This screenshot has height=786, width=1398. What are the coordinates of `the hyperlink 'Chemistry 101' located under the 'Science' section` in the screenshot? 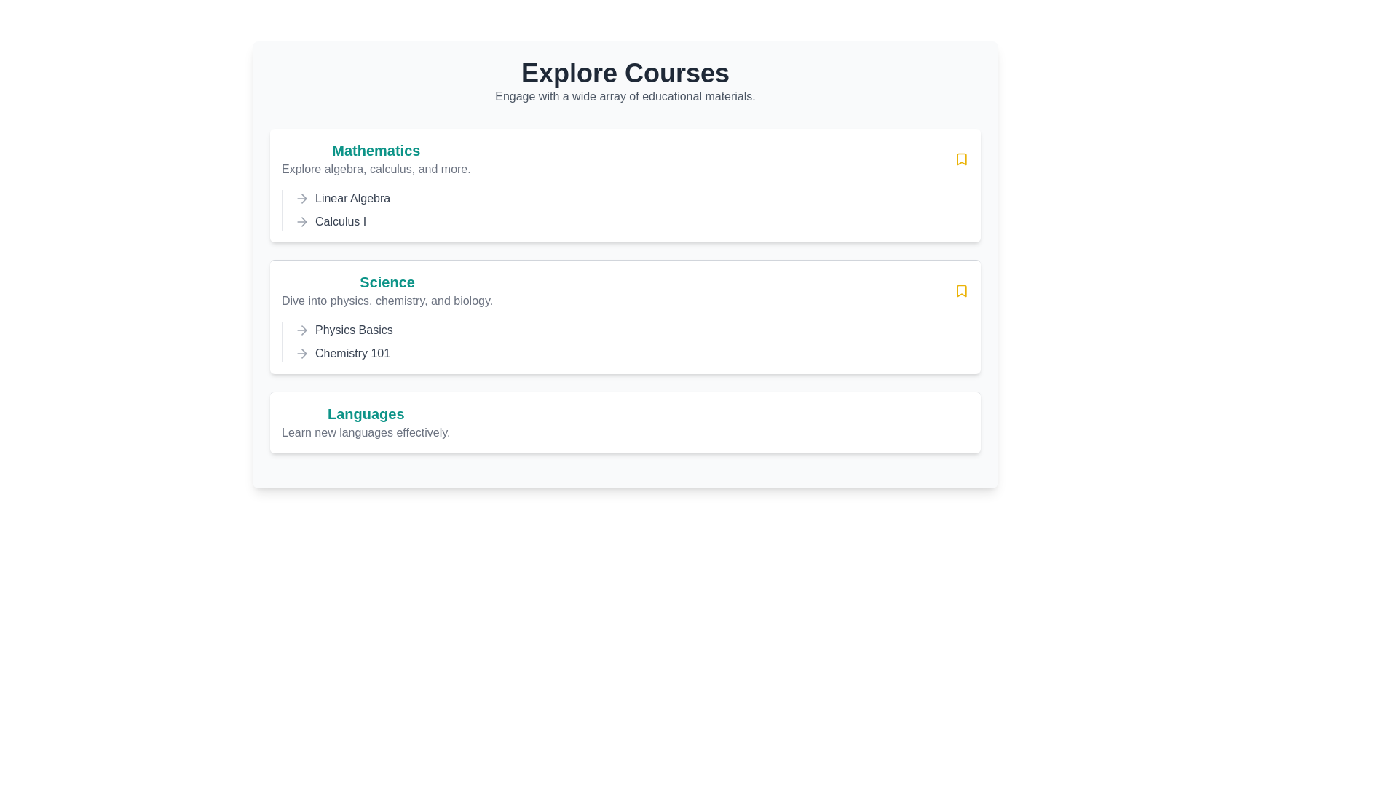 It's located at (352, 354).